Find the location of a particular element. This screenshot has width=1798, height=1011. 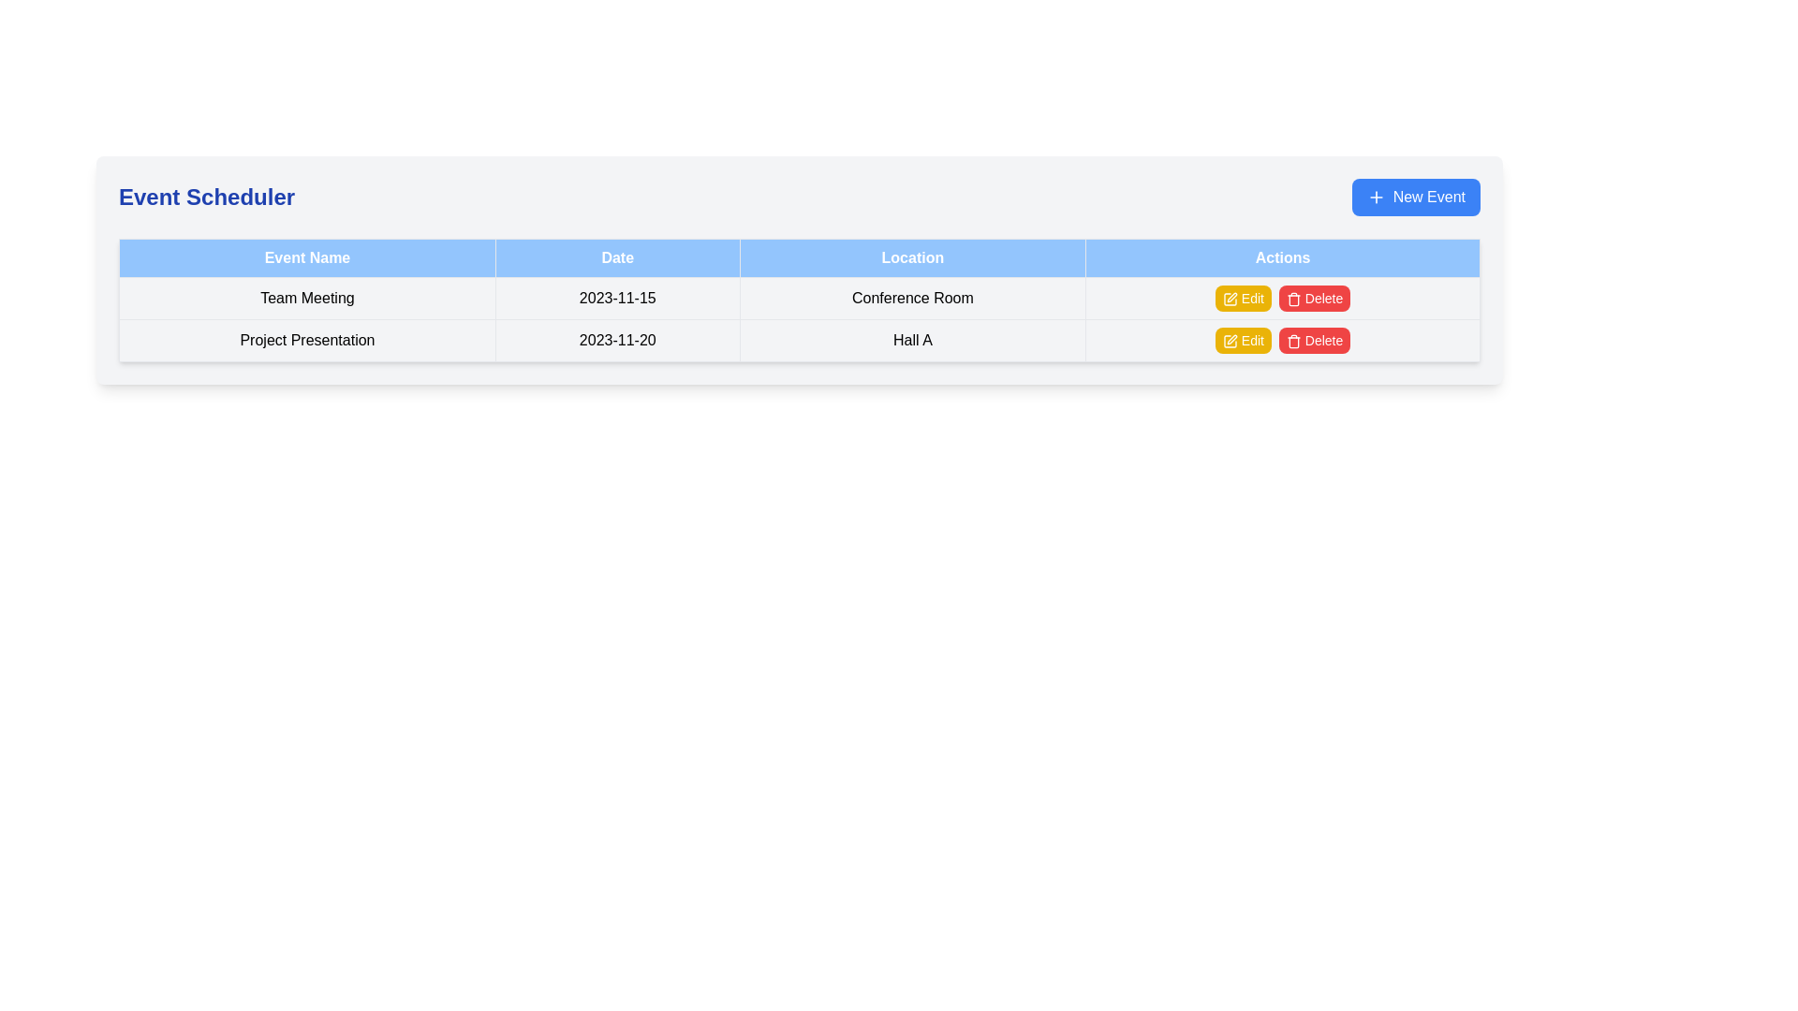

text of the table cell containing 'Hall A' in the 'Location' column of the 'Project Presentation' row is located at coordinates (912, 340).